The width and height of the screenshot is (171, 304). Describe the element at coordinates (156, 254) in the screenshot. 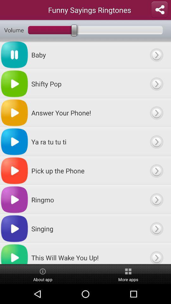

I see `advance to the right` at that location.